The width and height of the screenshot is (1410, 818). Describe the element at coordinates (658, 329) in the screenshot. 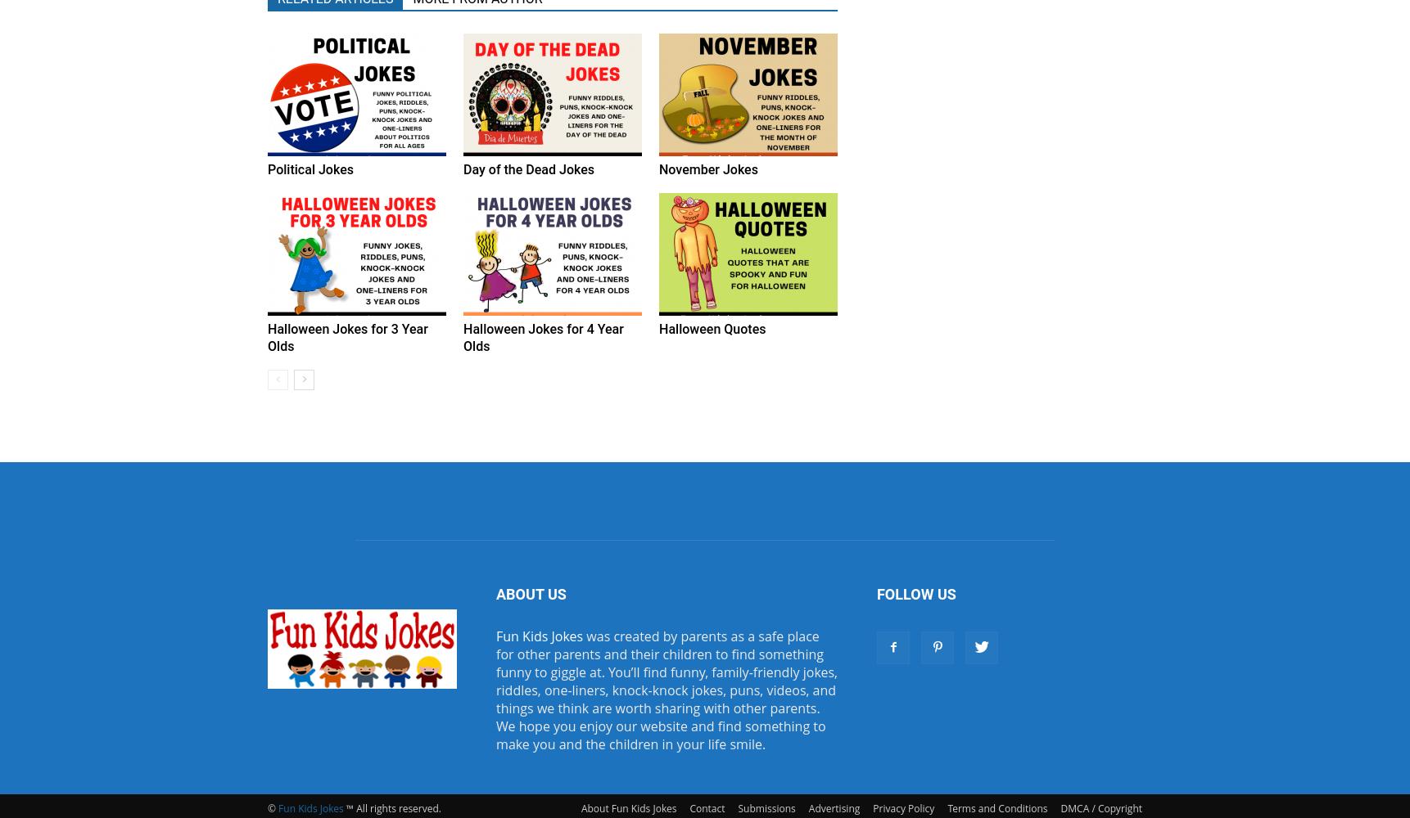

I see `'Halloween Quotes'` at that location.